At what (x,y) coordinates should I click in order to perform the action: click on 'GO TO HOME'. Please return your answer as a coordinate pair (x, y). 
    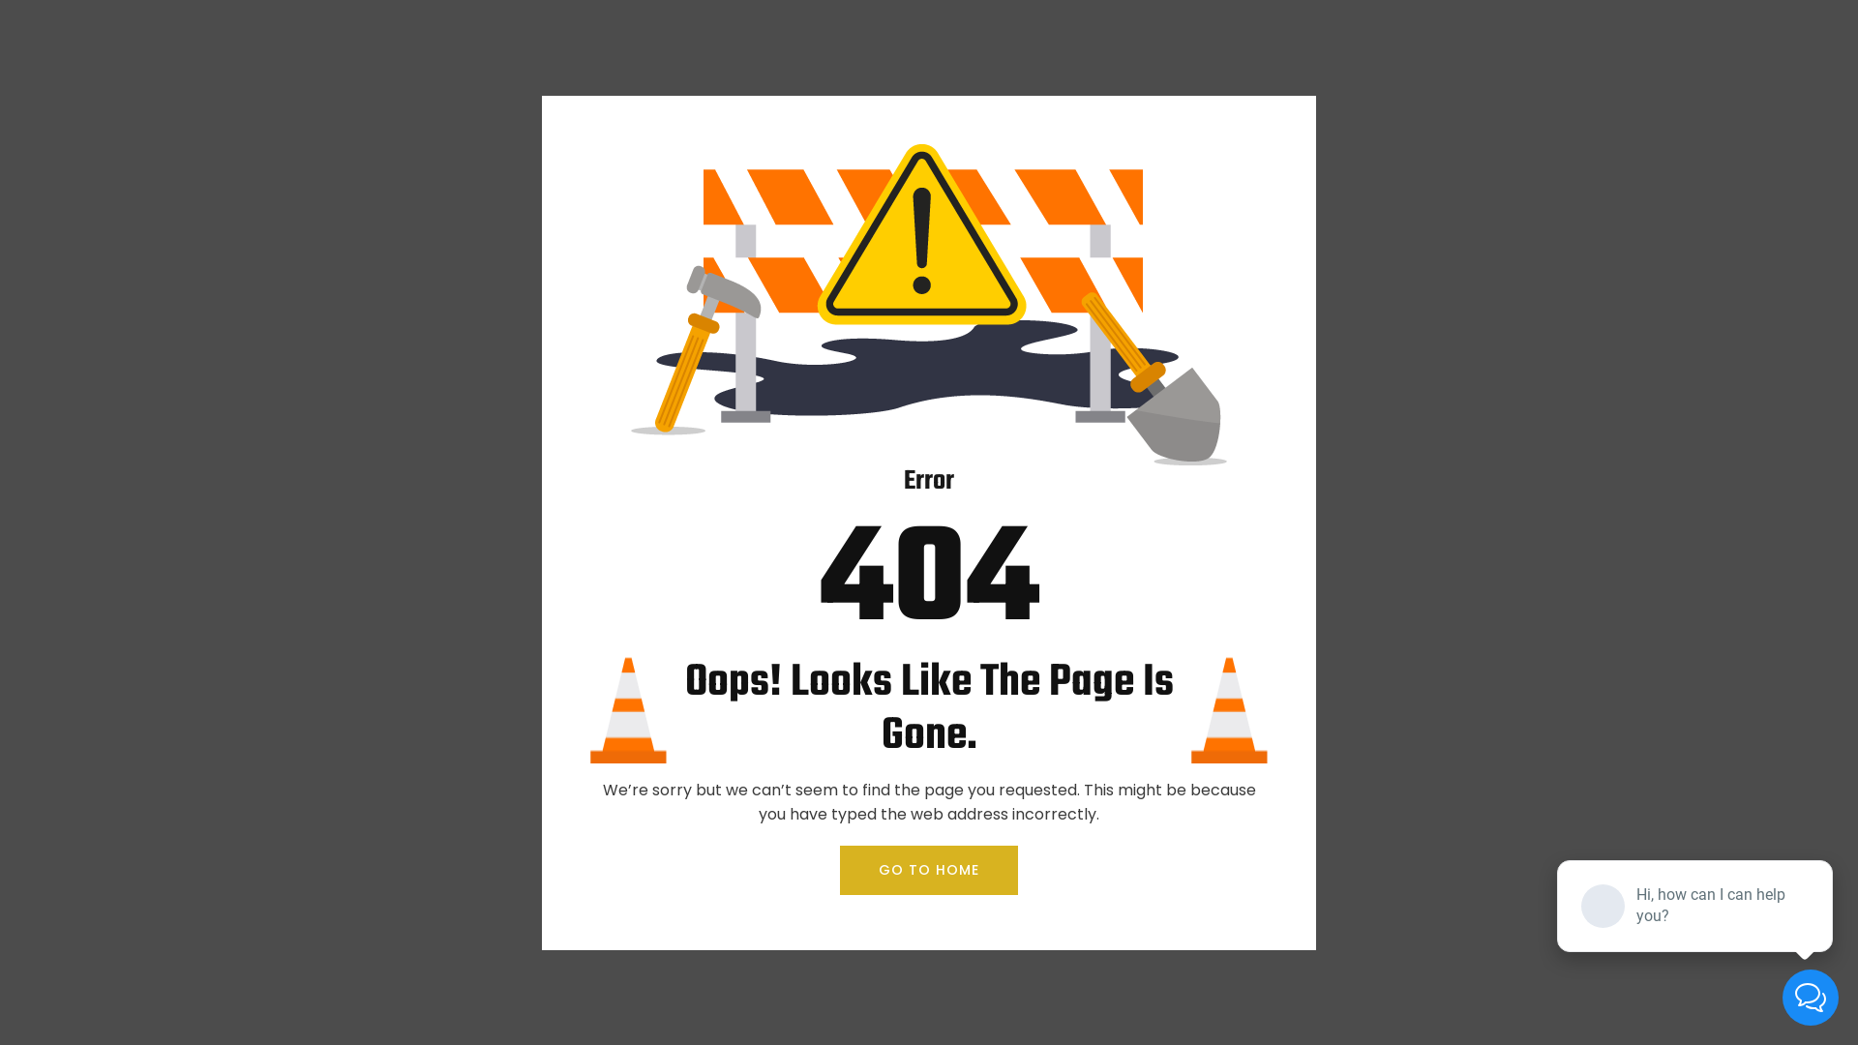
    Looking at the image, I should click on (929, 869).